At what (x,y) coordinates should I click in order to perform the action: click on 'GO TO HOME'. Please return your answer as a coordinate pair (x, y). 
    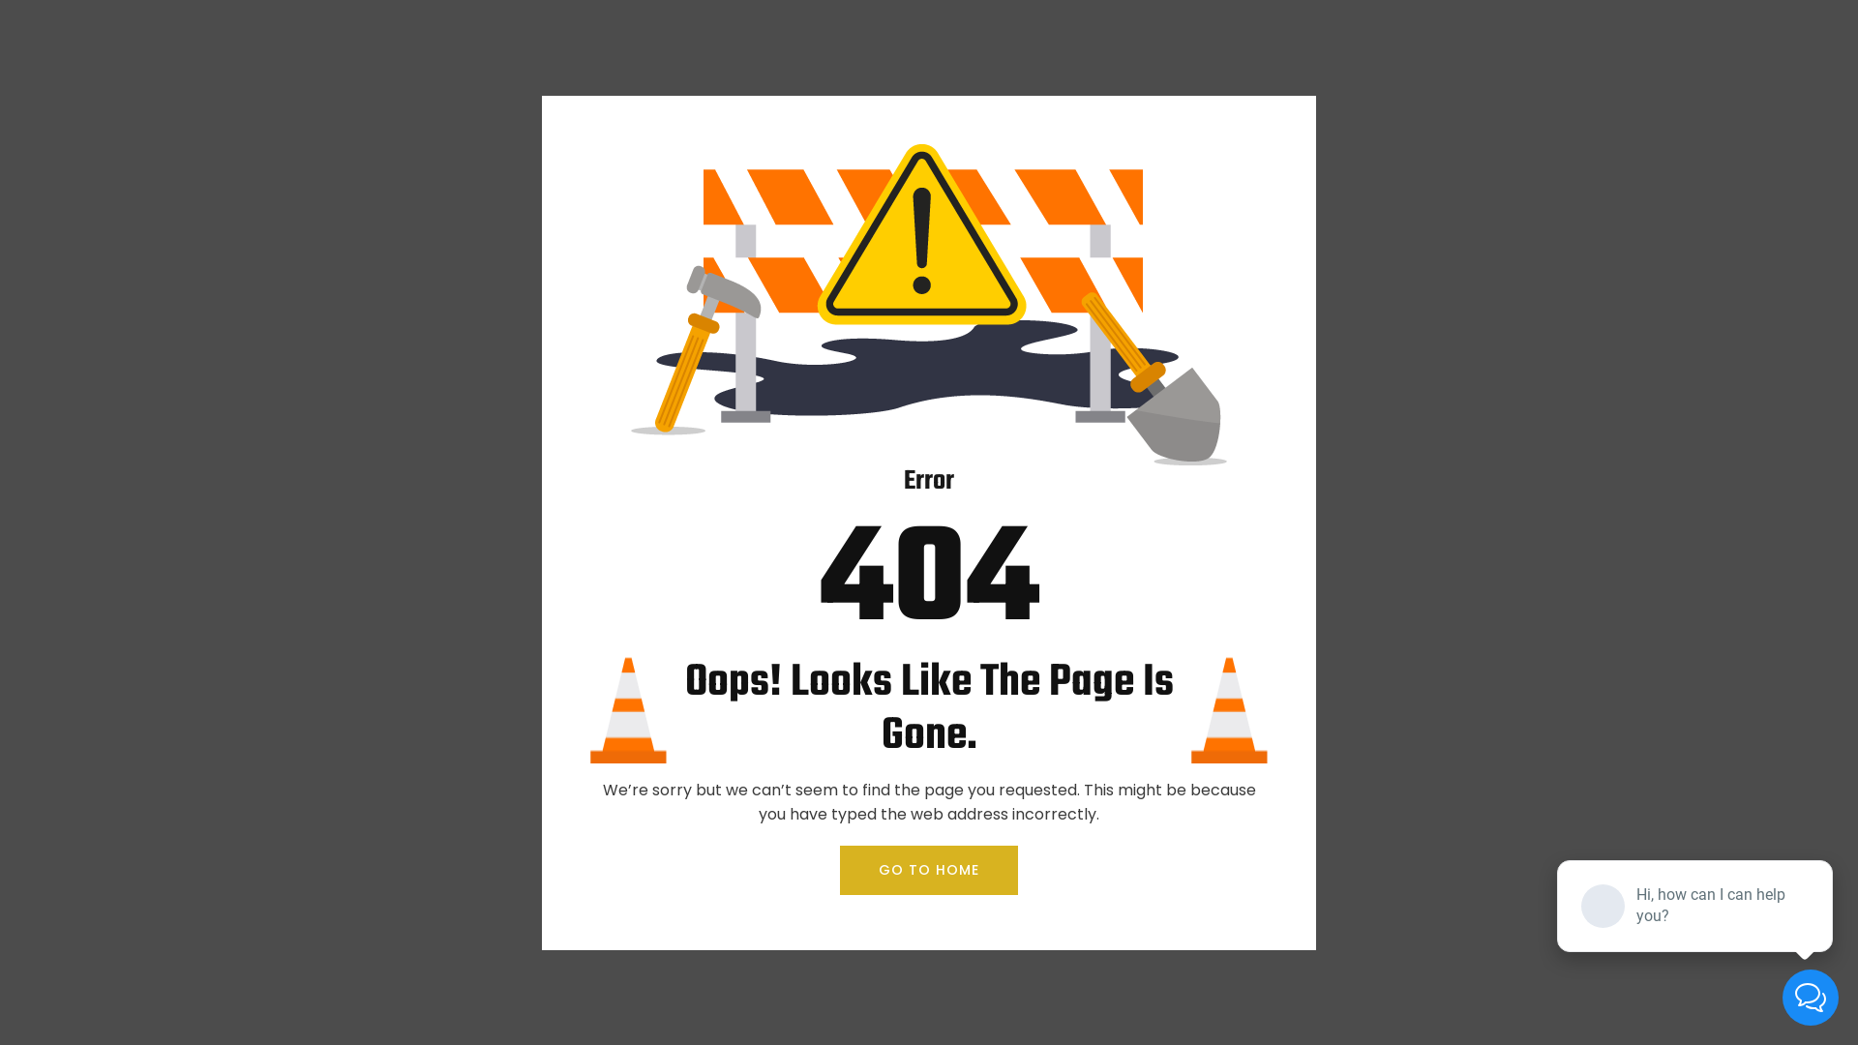
    Looking at the image, I should click on (929, 869).